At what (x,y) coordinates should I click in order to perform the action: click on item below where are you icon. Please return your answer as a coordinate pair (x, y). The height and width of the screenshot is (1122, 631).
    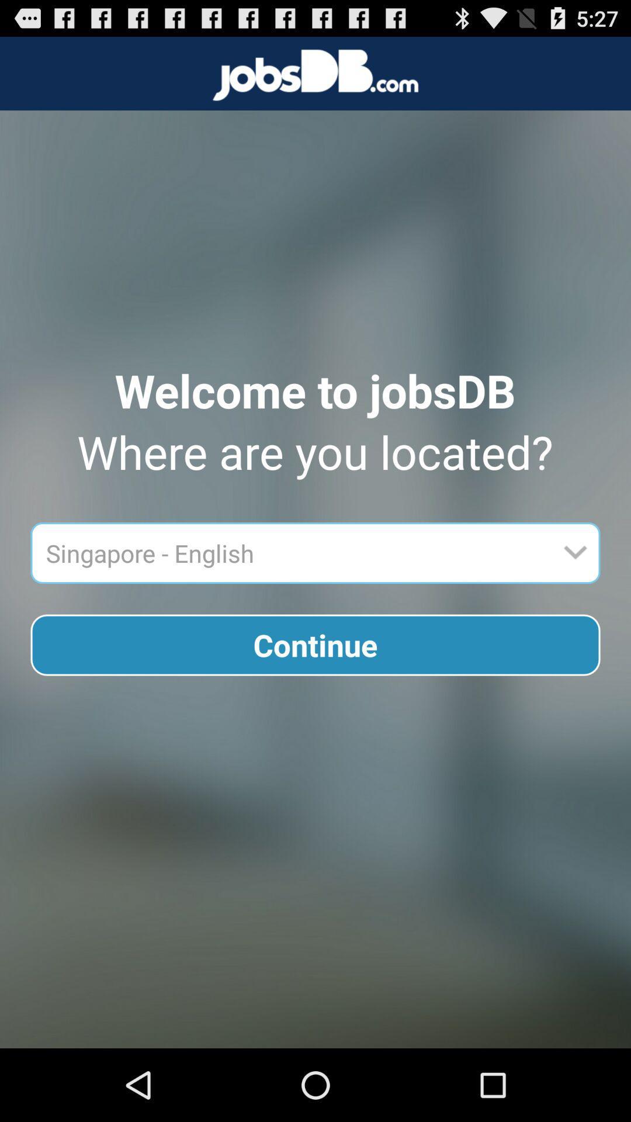
    Looking at the image, I should click on (294, 552).